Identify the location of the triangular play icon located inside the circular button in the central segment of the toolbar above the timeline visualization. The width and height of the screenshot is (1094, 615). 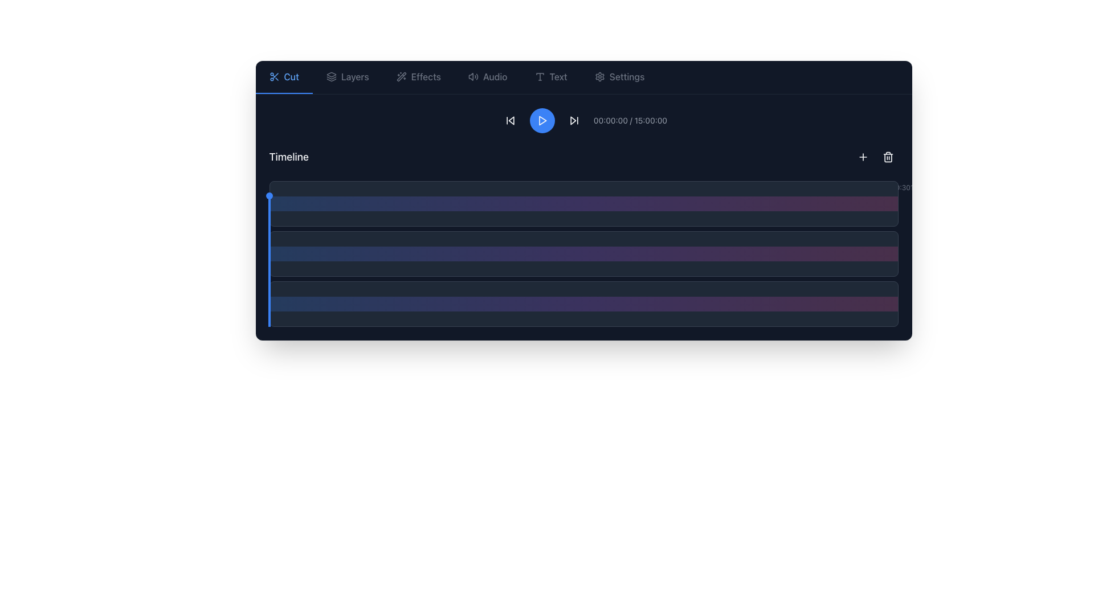
(542, 121).